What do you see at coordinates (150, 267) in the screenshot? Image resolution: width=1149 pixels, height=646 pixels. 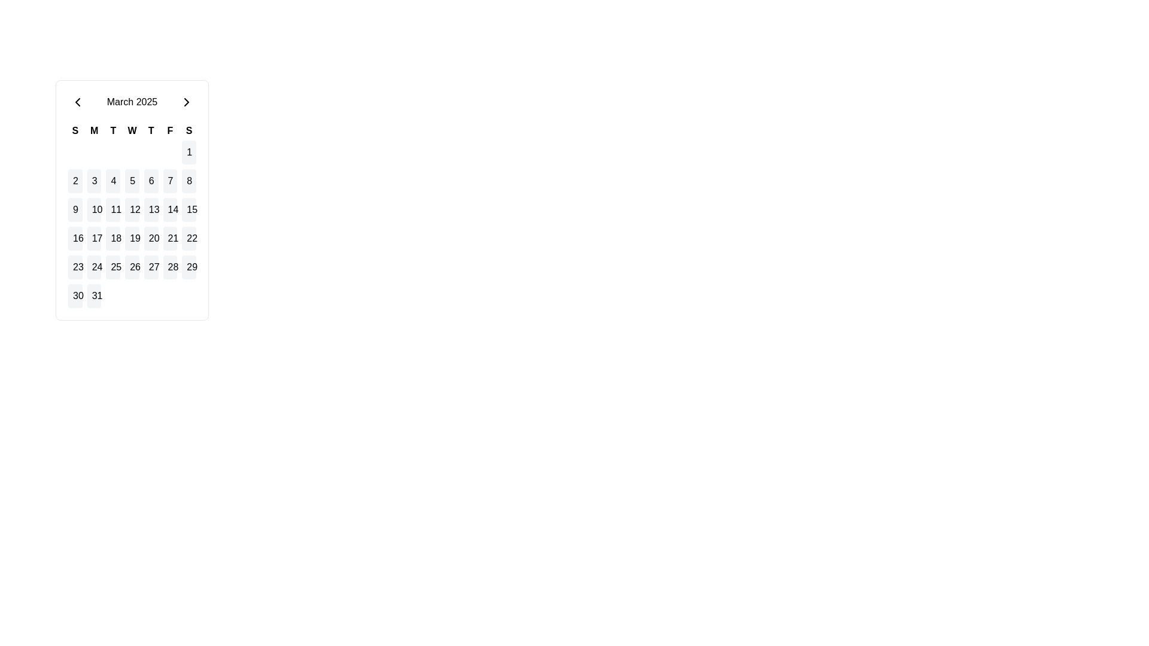 I see `the button labeled '27' with a light gray background and rounded edges in the last row and fifth column of the calendar grid` at bounding box center [150, 267].